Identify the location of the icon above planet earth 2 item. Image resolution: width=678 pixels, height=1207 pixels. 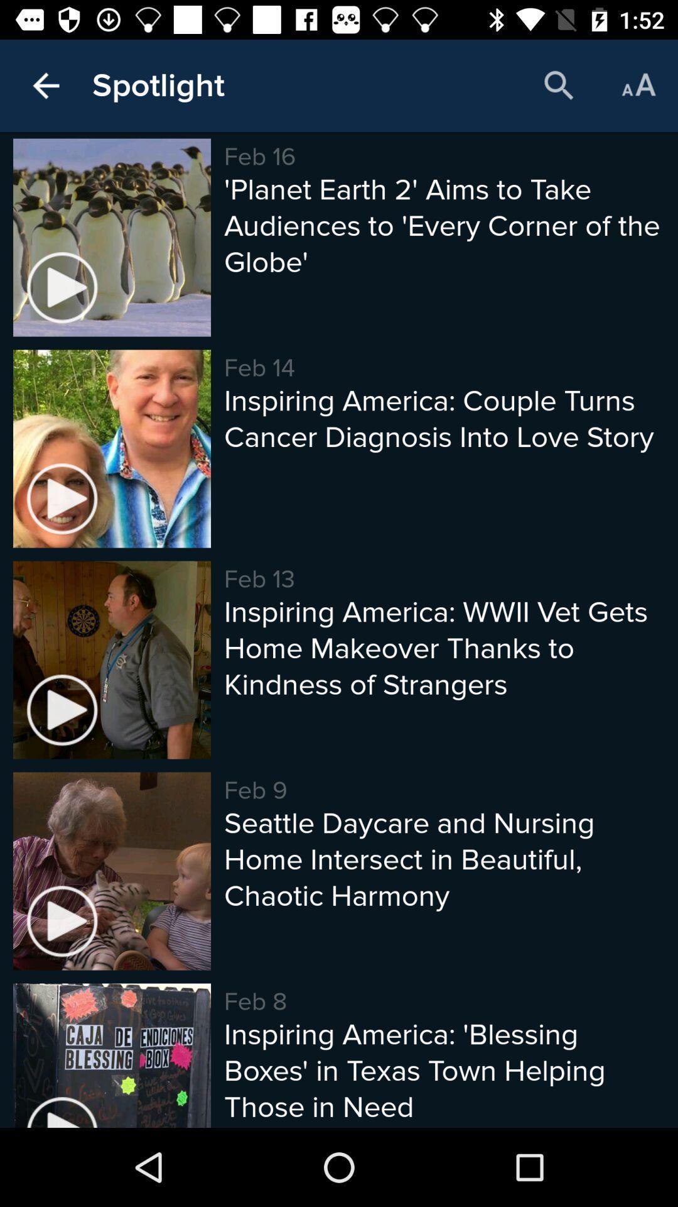
(638, 85).